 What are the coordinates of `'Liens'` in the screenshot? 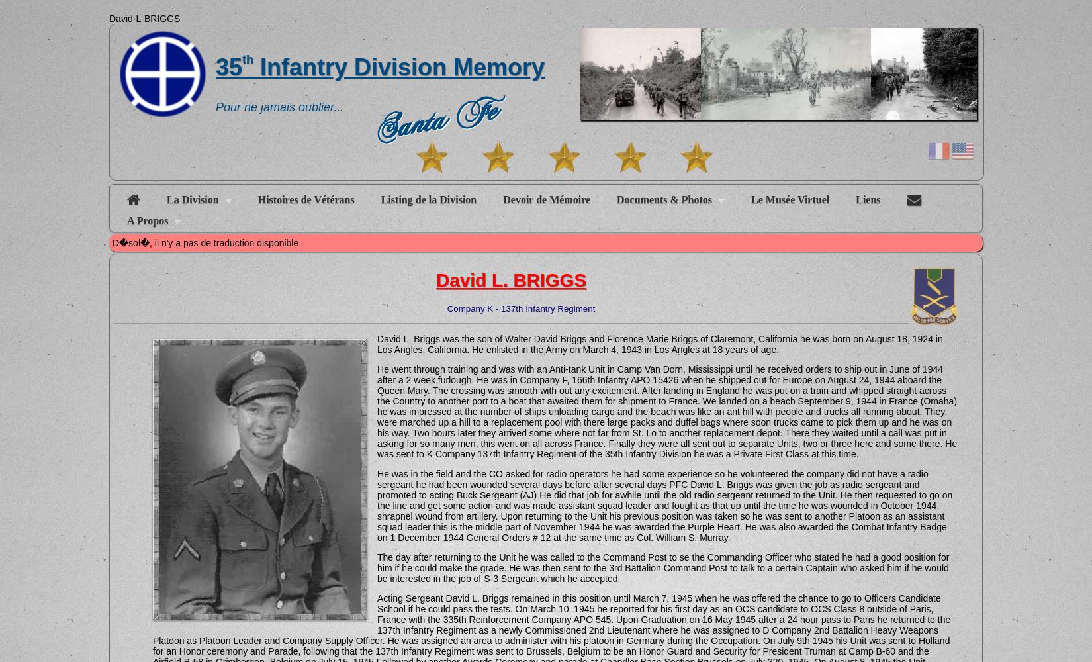 It's located at (867, 199).